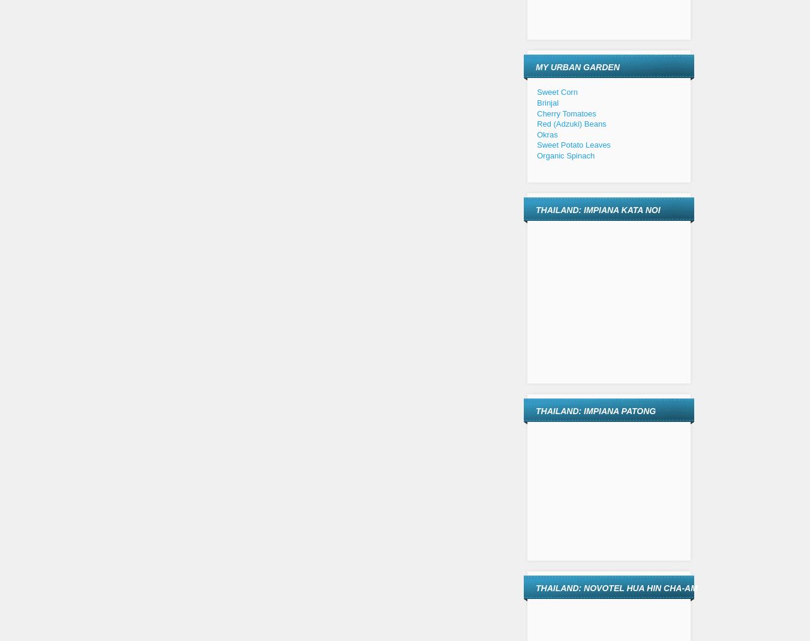 The height and width of the screenshot is (641, 810). What do you see at coordinates (537, 134) in the screenshot?
I see `'Okras'` at bounding box center [537, 134].